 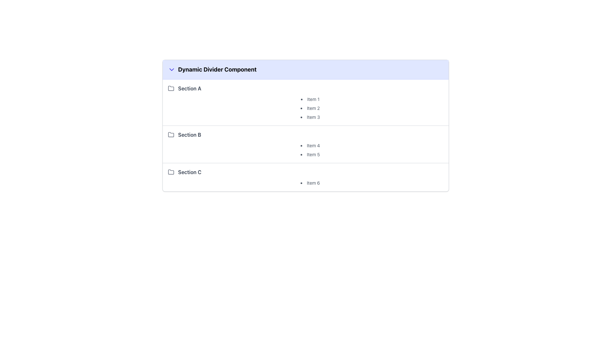 What do you see at coordinates (310, 108) in the screenshot?
I see `text element labeled 'Item 2' which is styled with a smaller font and gray color, located in the ordered list of 'Section A'` at bounding box center [310, 108].